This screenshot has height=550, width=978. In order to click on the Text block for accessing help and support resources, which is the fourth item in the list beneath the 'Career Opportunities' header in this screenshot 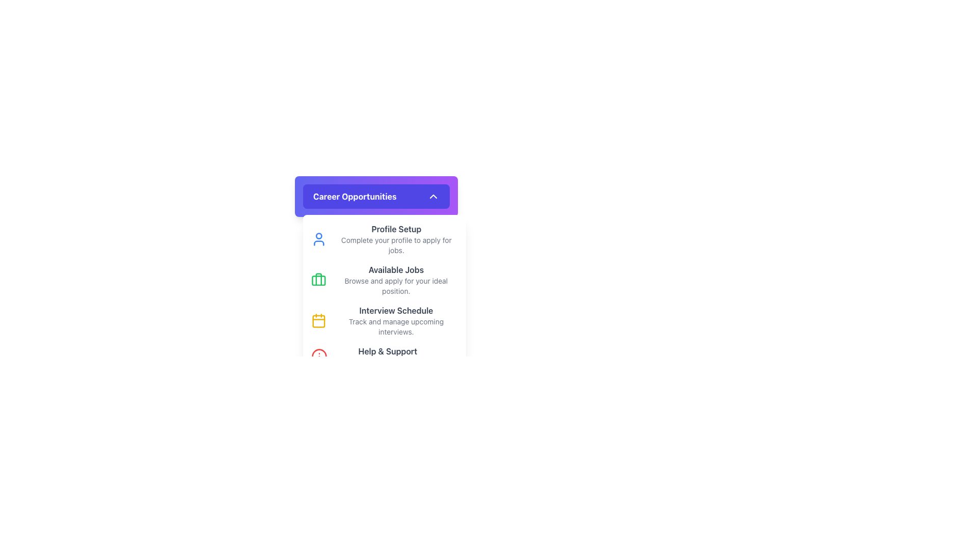, I will do `click(387, 355)`.